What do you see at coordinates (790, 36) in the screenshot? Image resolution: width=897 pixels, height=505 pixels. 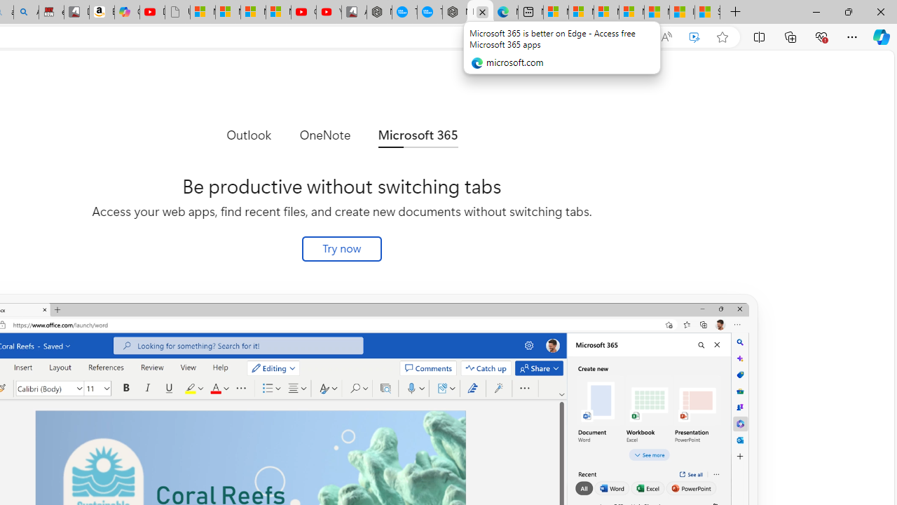 I see `'Collections'` at bounding box center [790, 36].